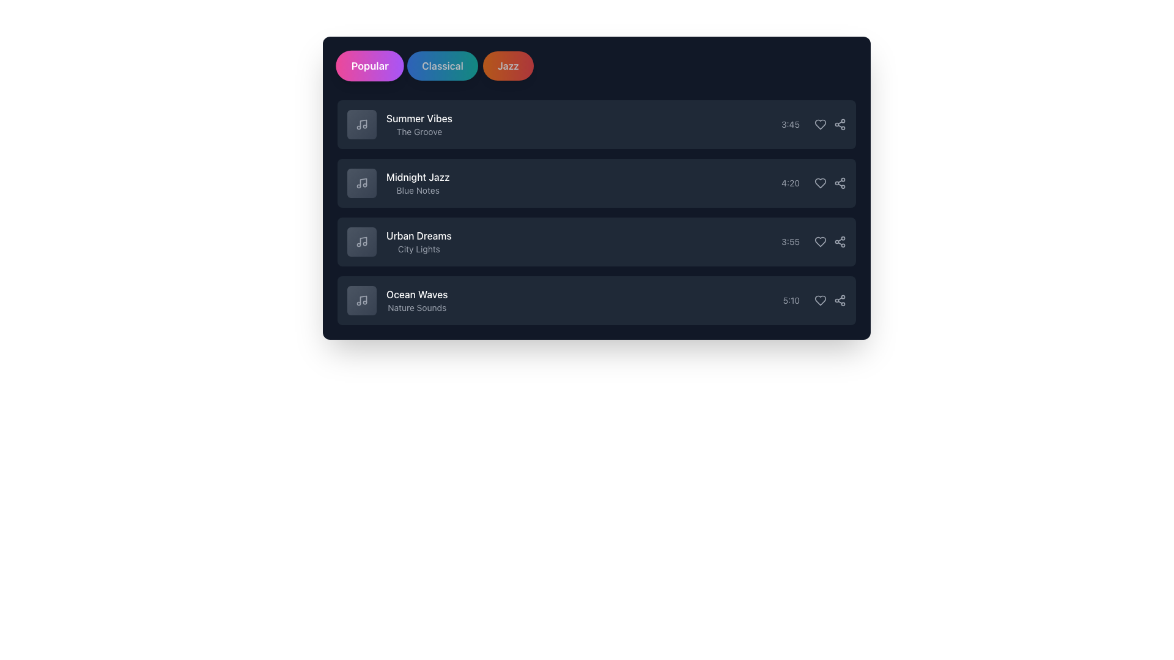  I want to click on the share icon located in the top-right corner of the 'Summer Vibes' song entry, adjacent to the song duration ('3:45'), so click(830, 125).